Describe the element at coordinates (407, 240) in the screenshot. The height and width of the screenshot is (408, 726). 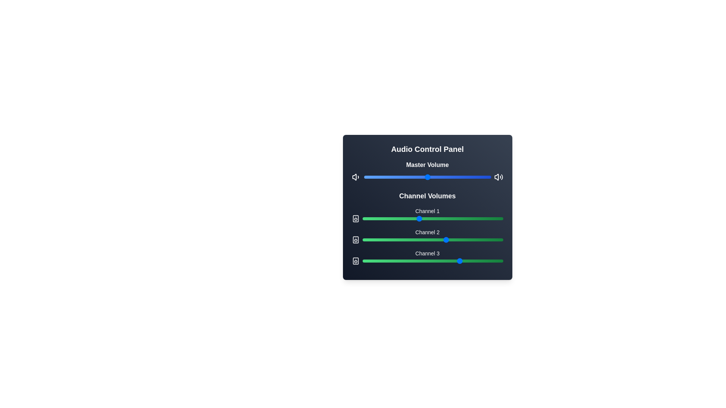
I see `the slider value` at that location.